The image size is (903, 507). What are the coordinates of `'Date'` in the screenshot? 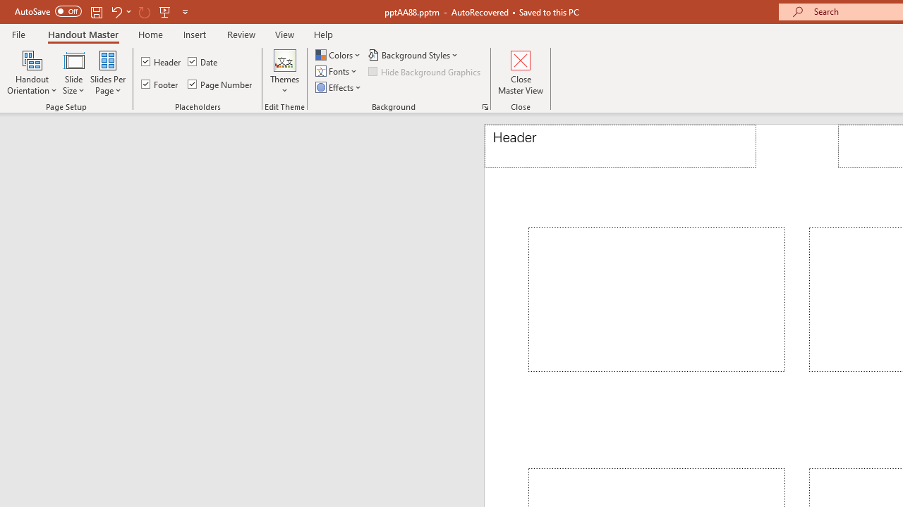 It's located at (202, 61).